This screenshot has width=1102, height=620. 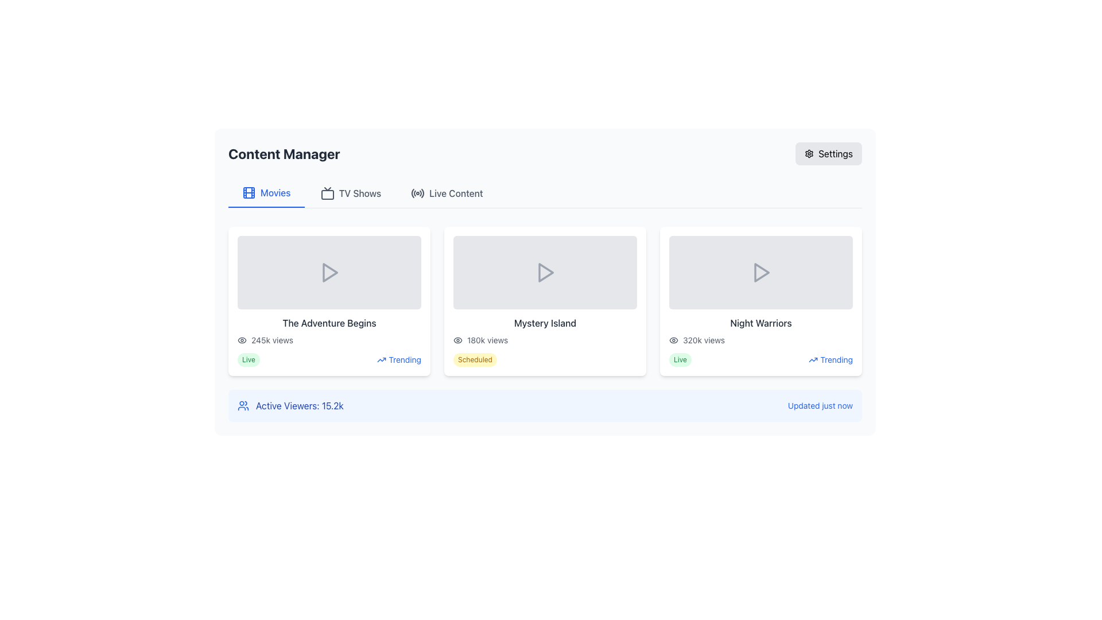 What do you see at coordinates (329, 272) in the screenshot?
I see `the triangular play icon with a thin gray stroke located in the circular area of the first media card titled 'The Adventure Begins'` at bounding box center [329, 272].